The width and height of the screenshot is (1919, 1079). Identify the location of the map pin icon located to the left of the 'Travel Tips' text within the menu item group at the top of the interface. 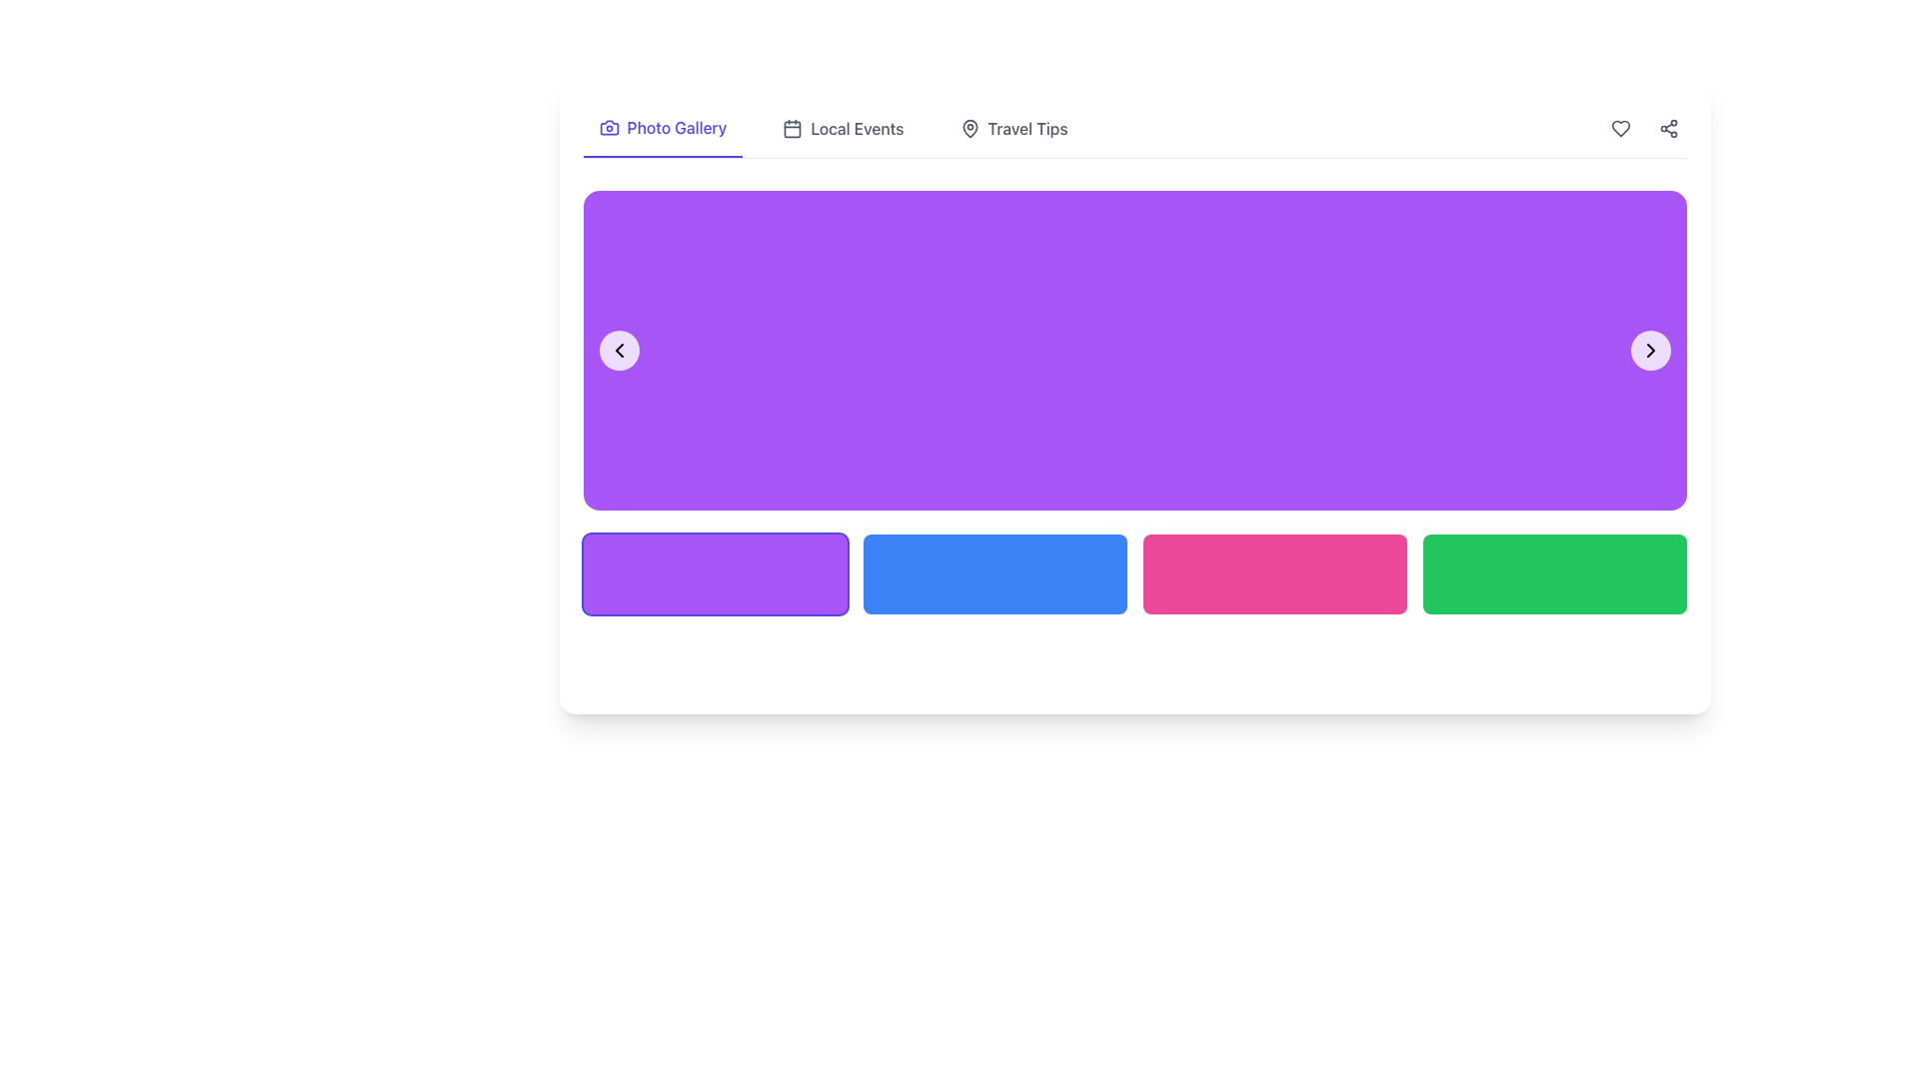
(969, 128).